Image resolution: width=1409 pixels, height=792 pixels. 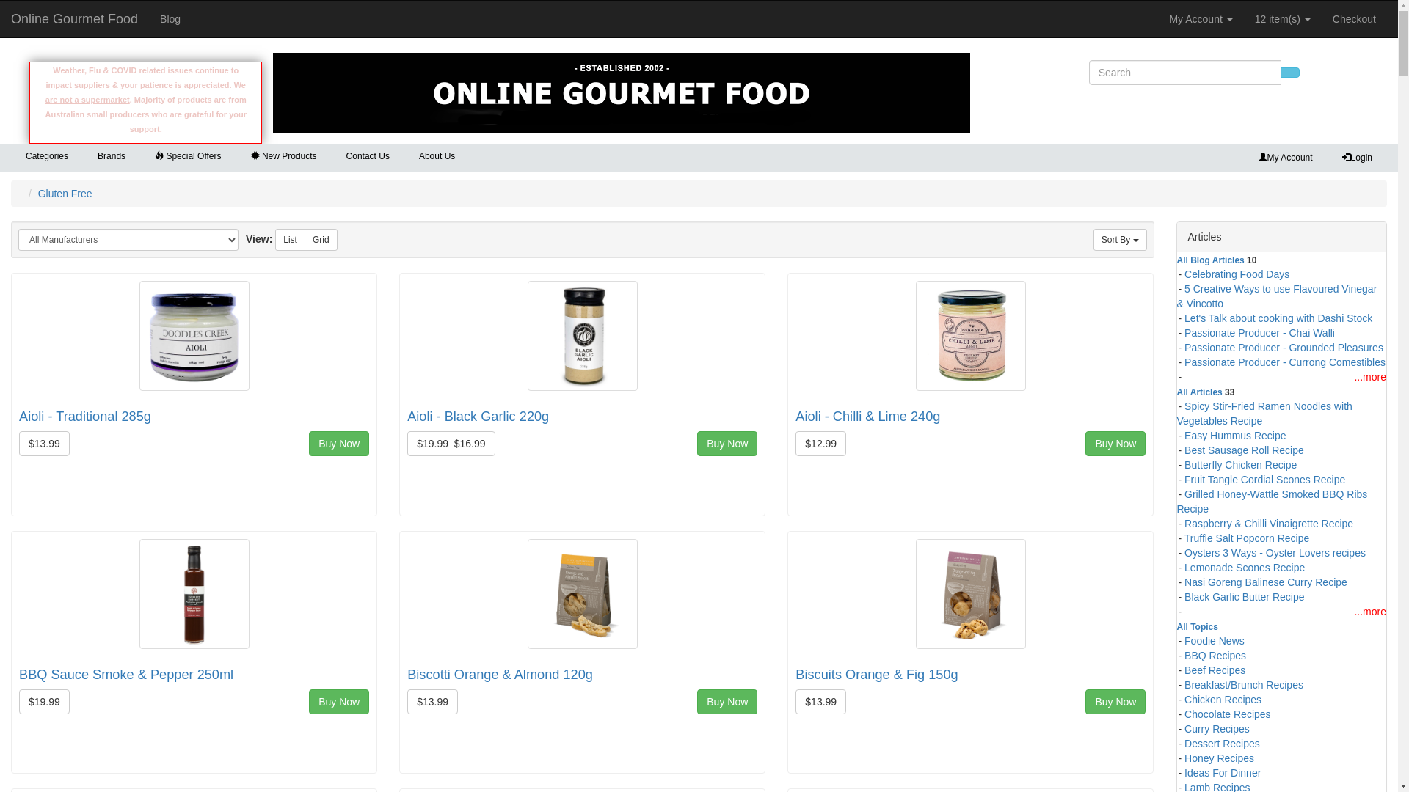 I want to click on '12 item(s)', so click(x=1281, y=19).